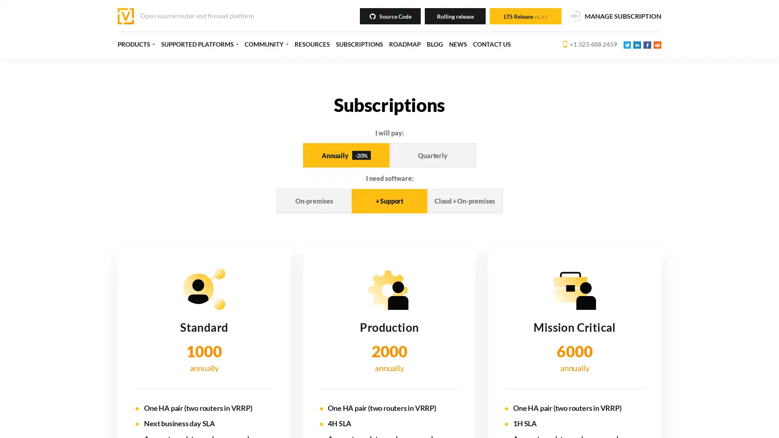 The image size is (779, 438). Describe the element at coordinates (537, 419) in the screenshot. I see `Decline` at that location.